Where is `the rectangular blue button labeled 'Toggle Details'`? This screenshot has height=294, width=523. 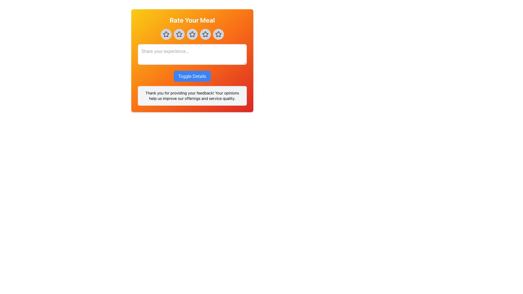 the rectangular blue button labeled 'Toggle Details' is located at coordinates (192, 76).